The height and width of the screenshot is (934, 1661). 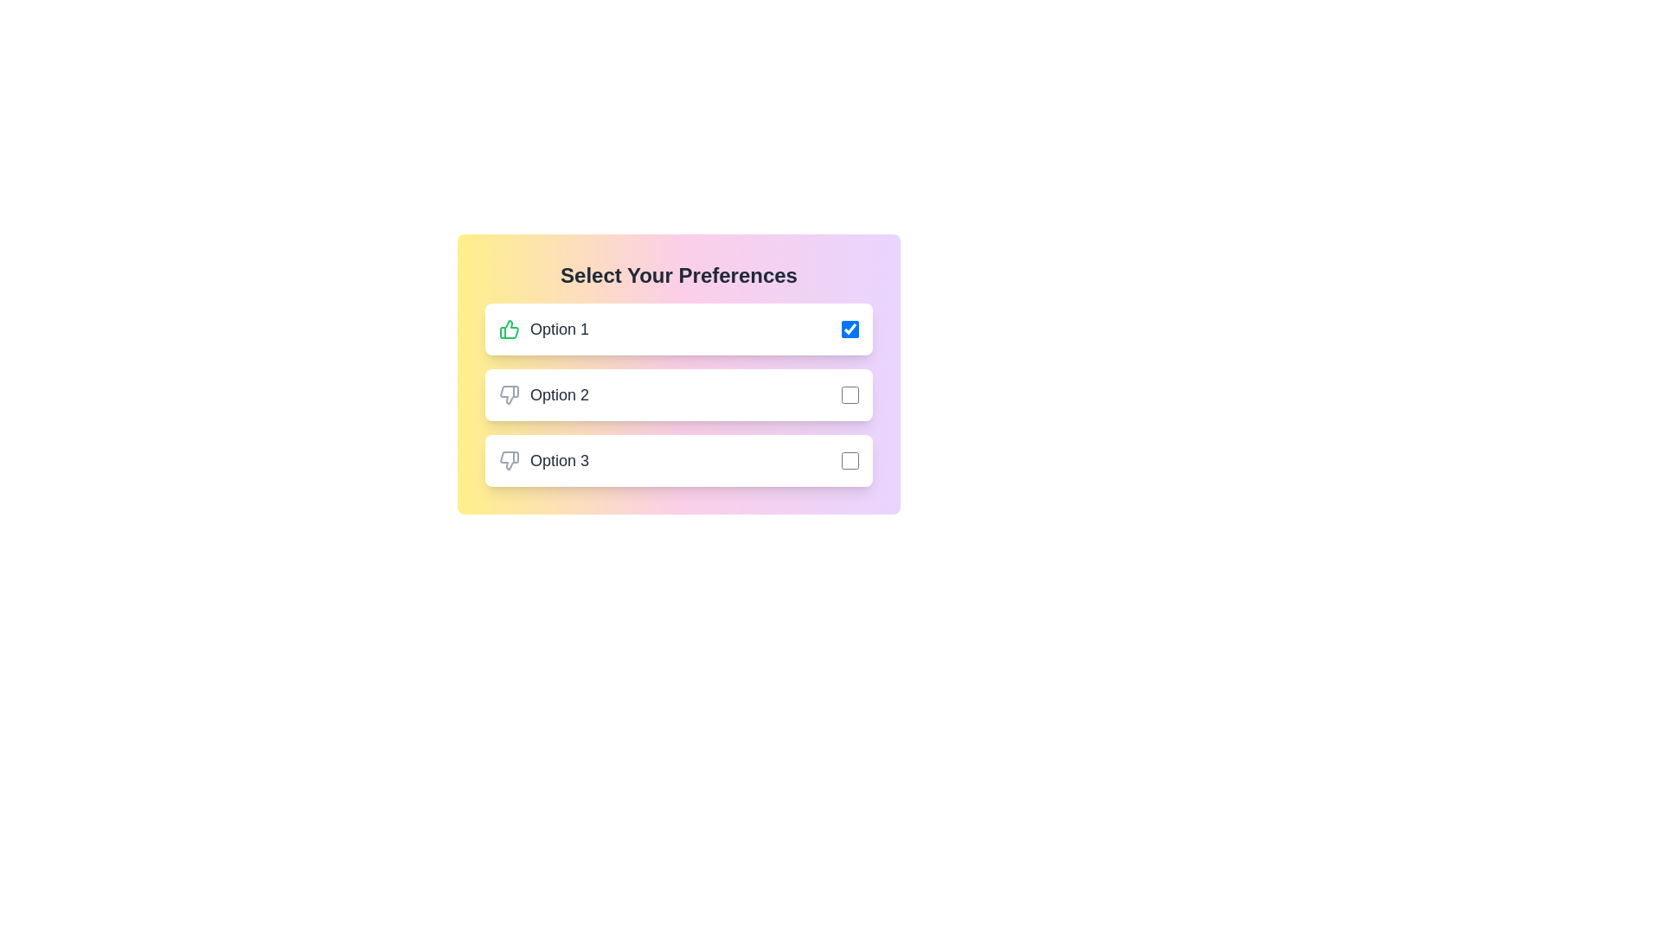 I want to click on the thumbs-down icon associated with 'Option 3' in the preferences selection interface, so click(x=509, y=459).